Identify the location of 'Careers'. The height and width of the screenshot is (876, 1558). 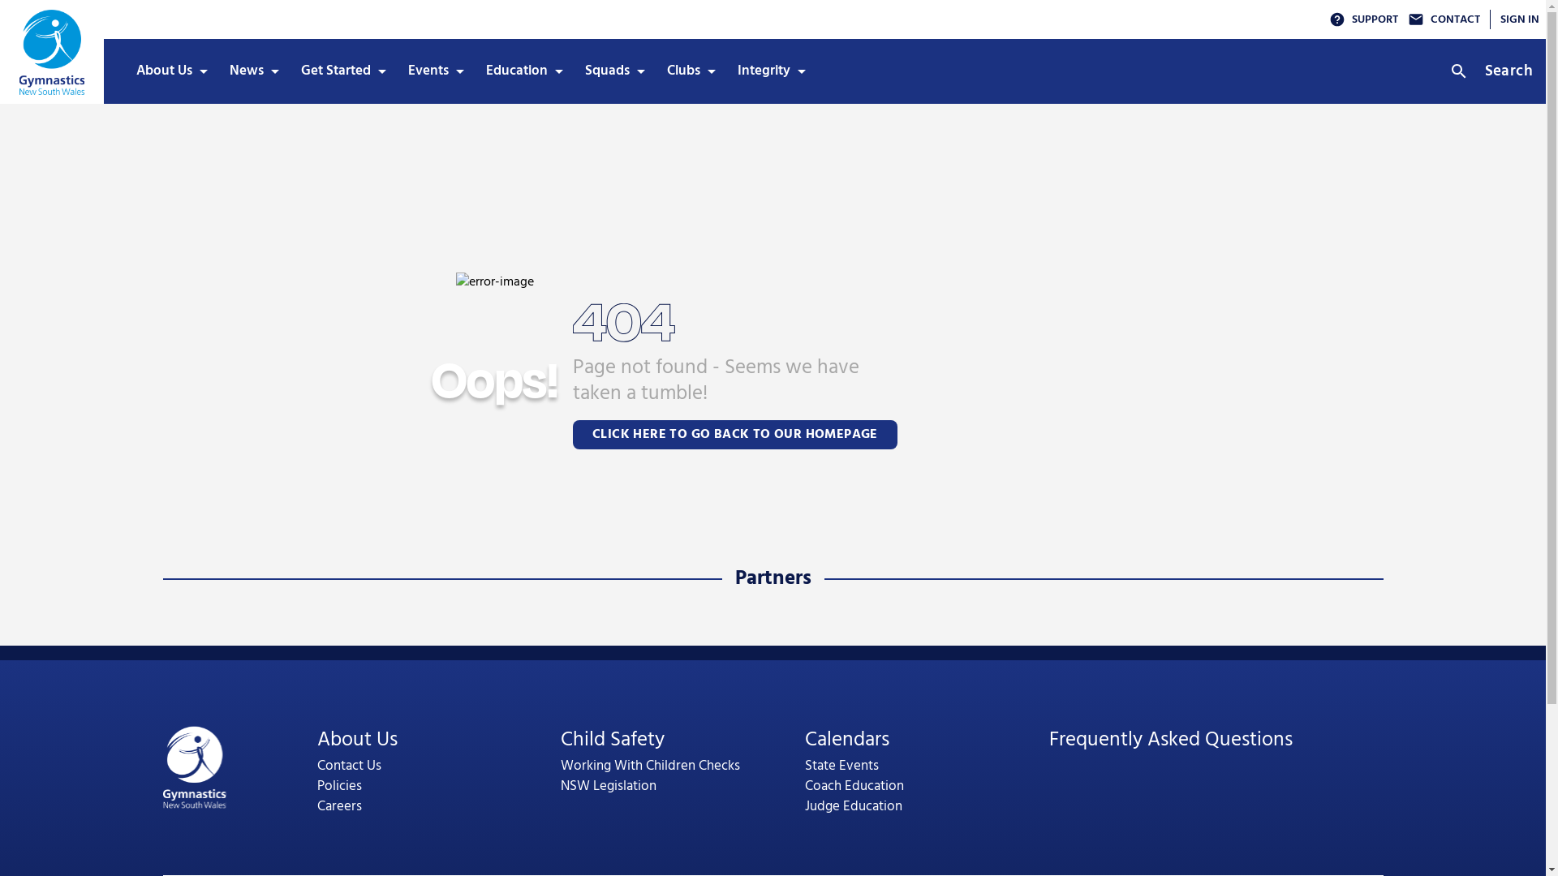
(338, 806).